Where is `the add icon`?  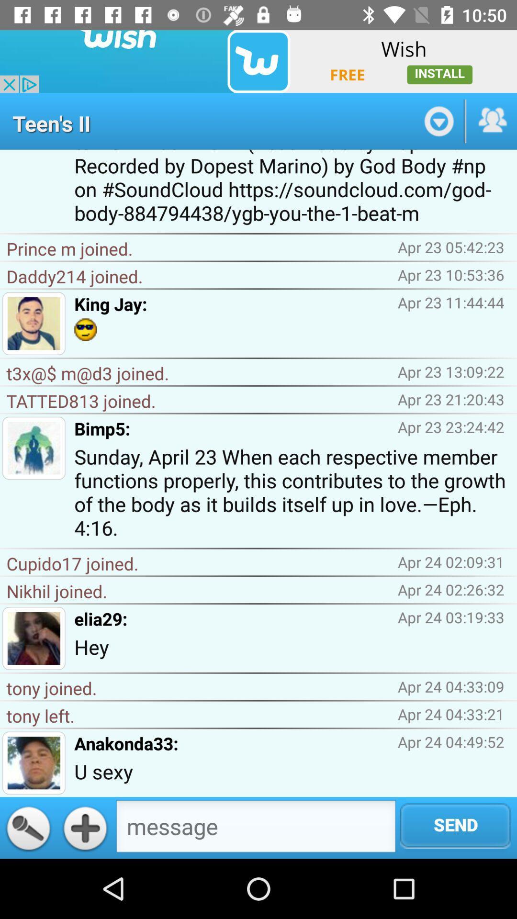
the add icon is located at coordinates (84, 827).